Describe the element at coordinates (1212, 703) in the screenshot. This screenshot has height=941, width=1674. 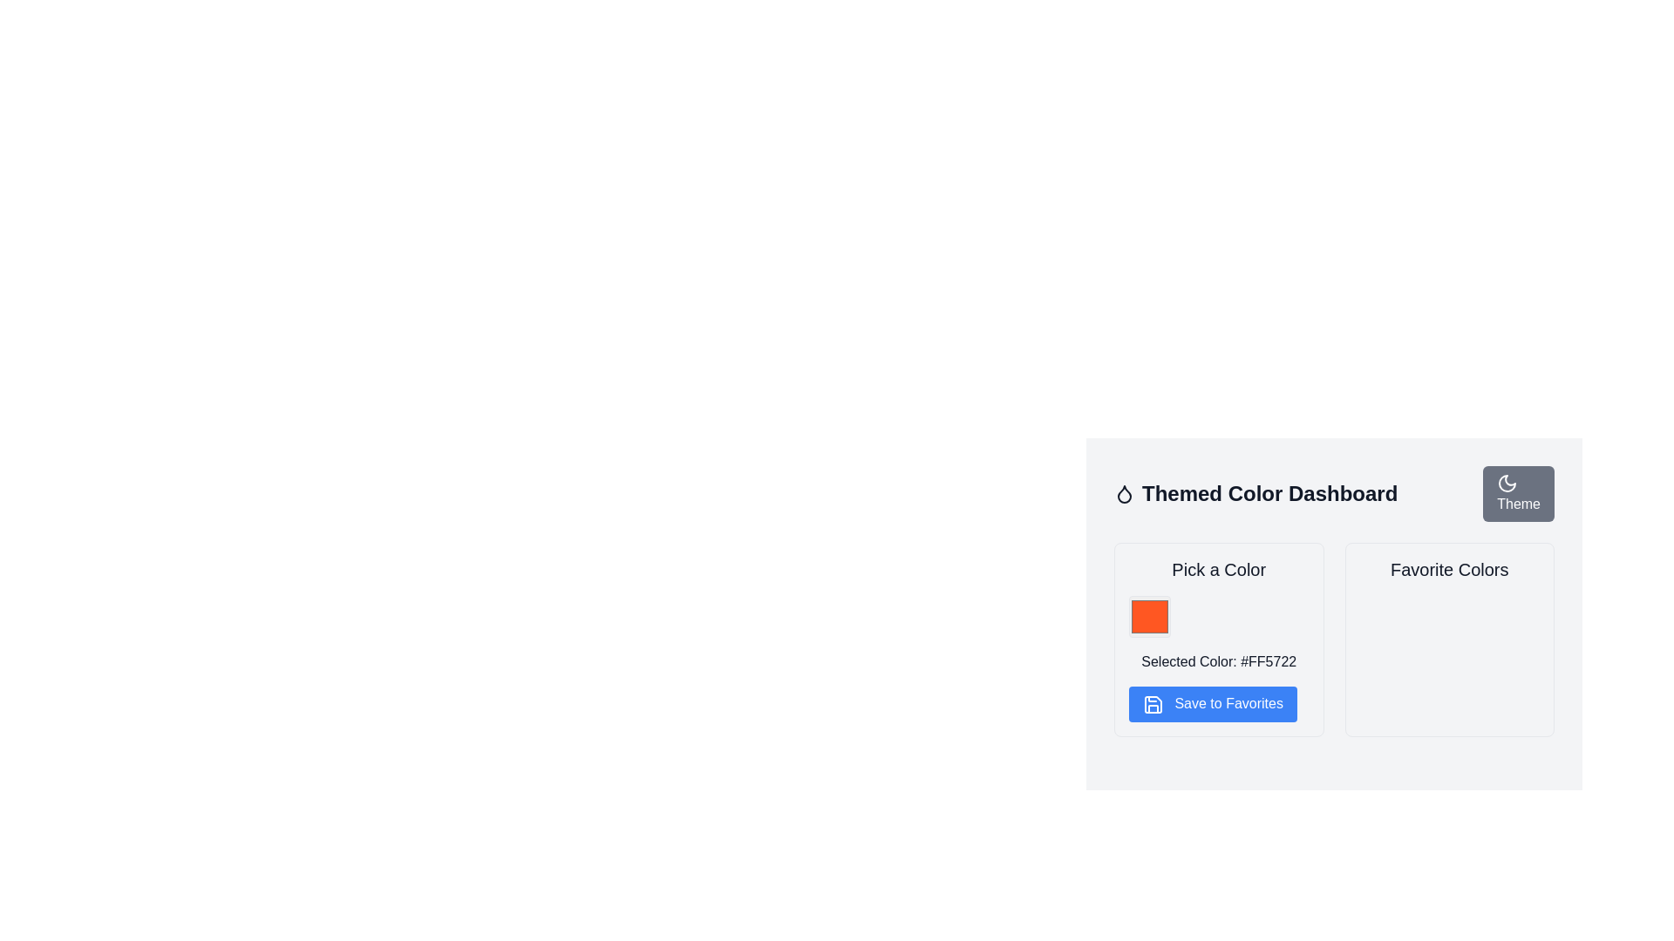
I see `the 'Save to Favorites' button with a blue background and white text, located in the 'Pick a Color' card` at that location.